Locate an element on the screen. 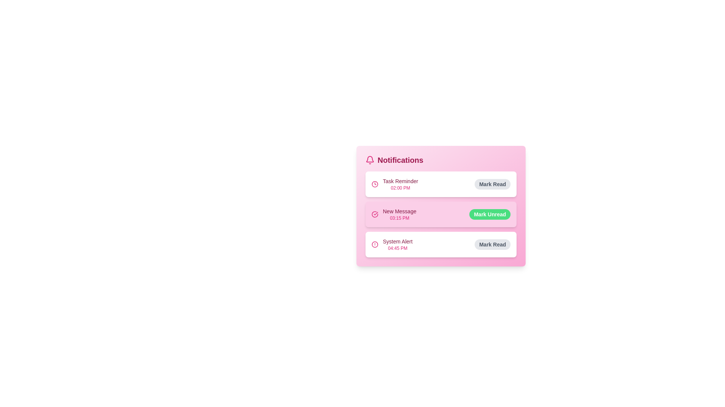  the icon representing the notification type New Message is located at coordinates (375, 214).